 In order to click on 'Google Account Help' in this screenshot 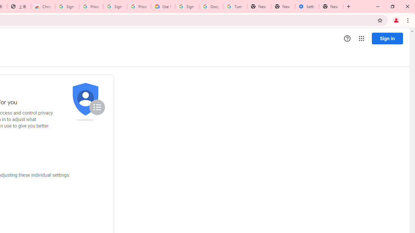, I will do `click(211, 6)`.